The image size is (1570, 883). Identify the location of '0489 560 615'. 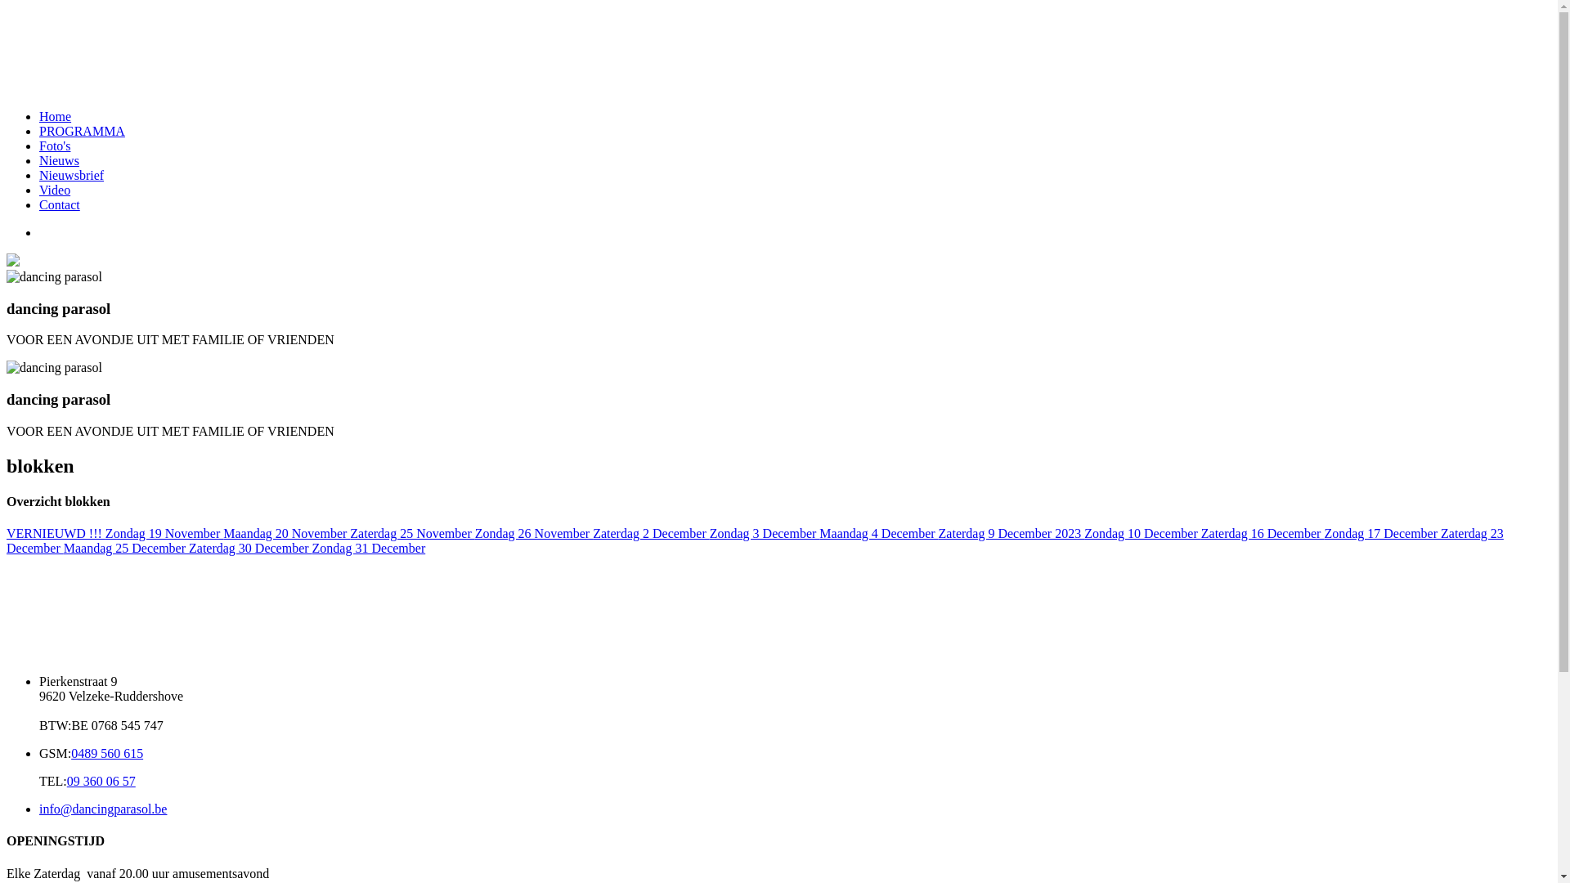
(105, 753).